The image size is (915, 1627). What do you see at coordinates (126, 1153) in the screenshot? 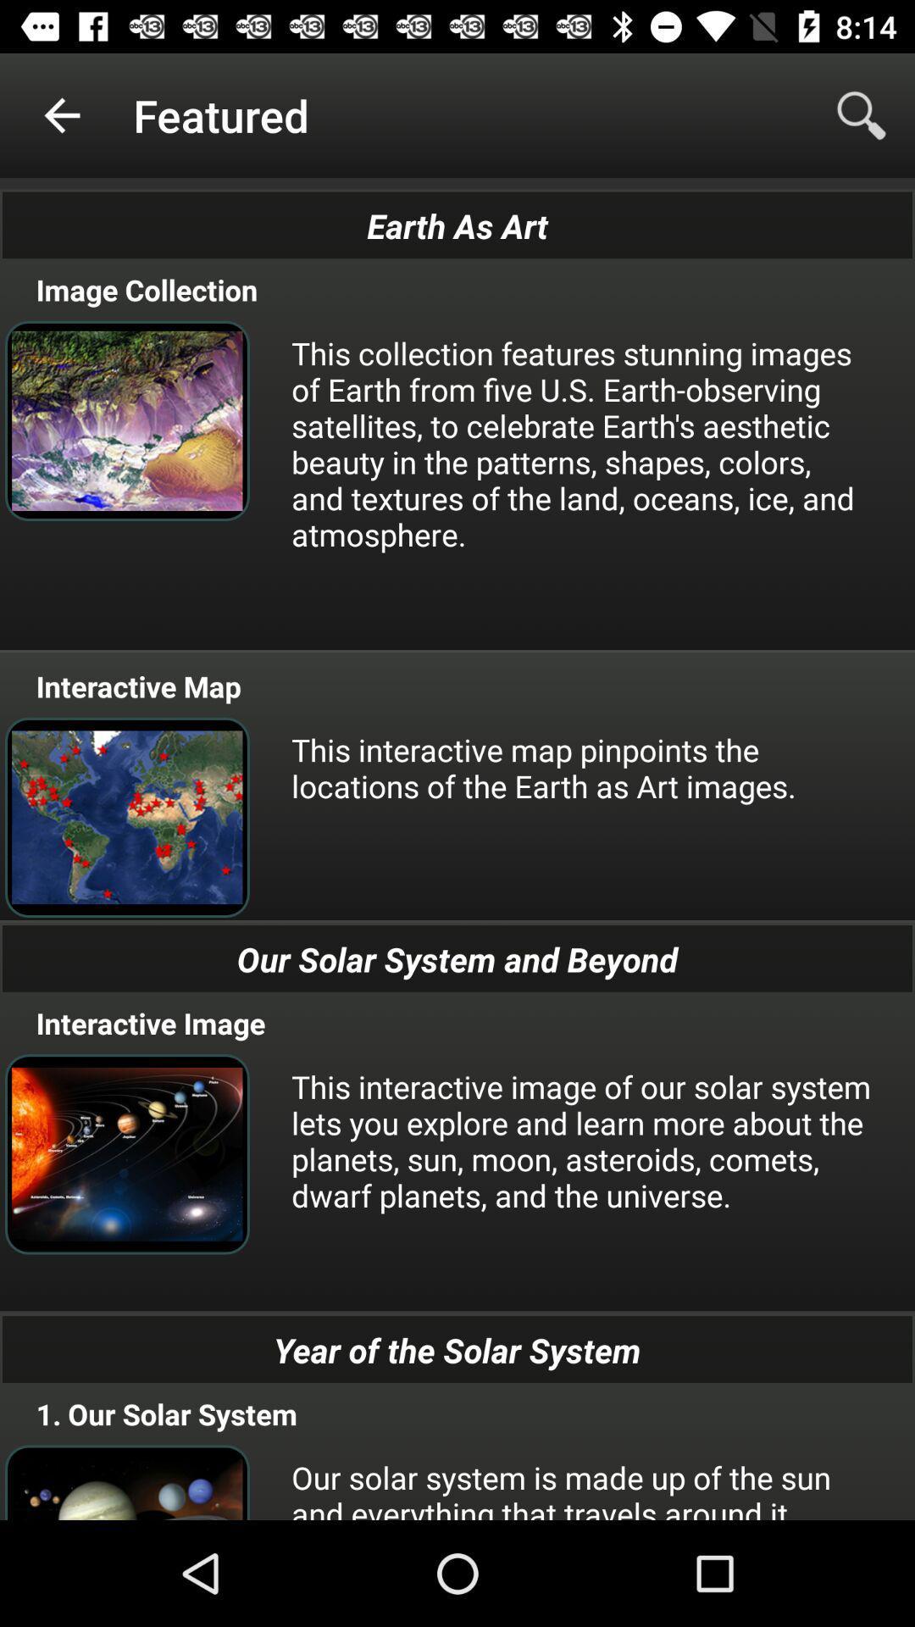
I see `the image below the text called interactive image` at bounding box center [126, 1153].